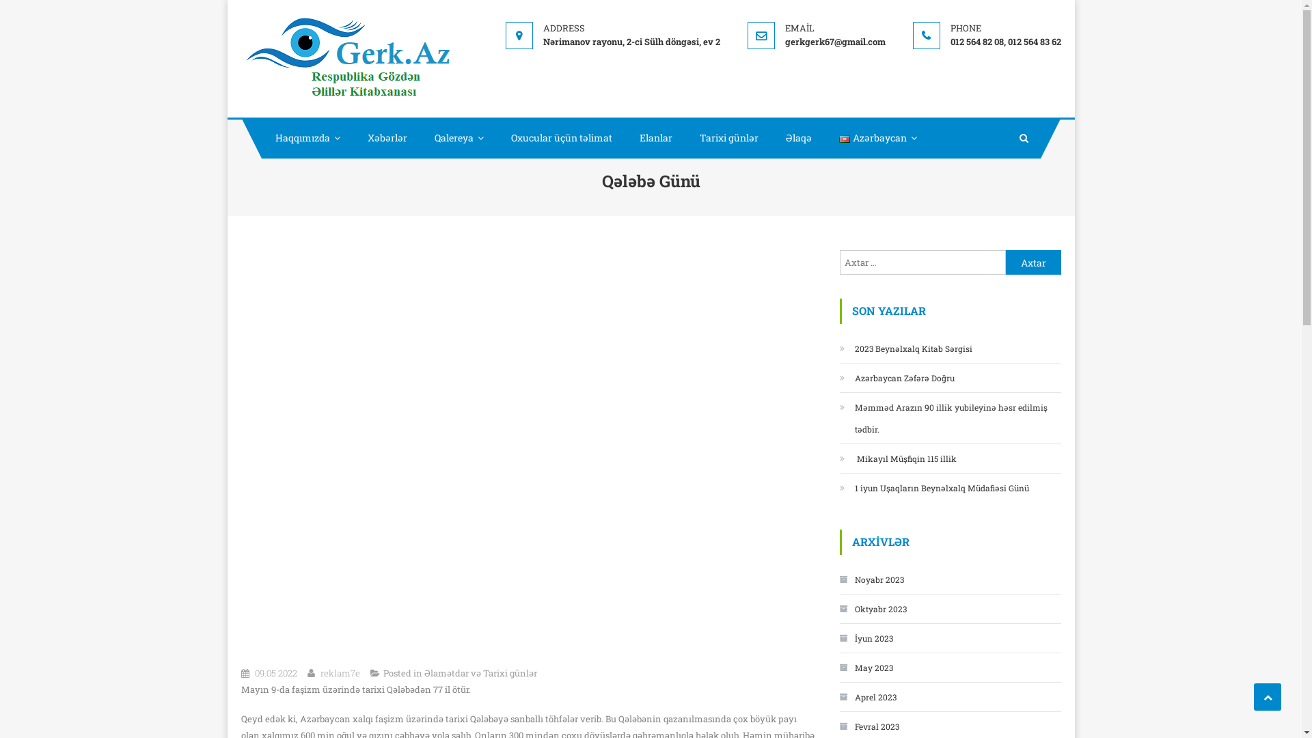 This screenshot has width=1312, height=738. What do you see at coordinates (459, 137) in the screenshot?
I see `'Qalereya'` at bounding box center [459, 137].